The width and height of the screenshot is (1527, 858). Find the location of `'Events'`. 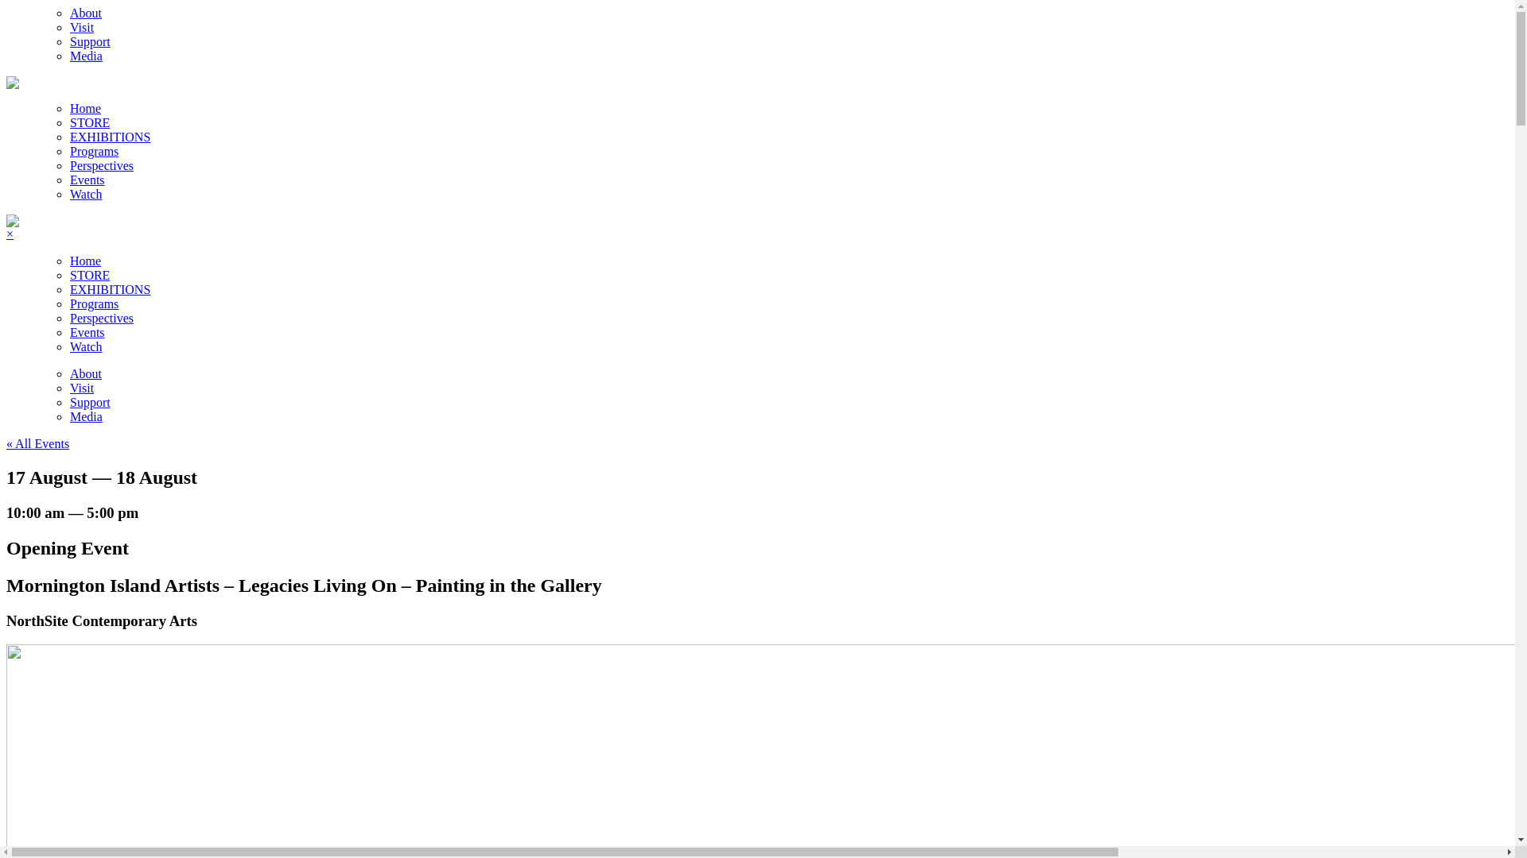

'Events' is located at coordinates (87, 179).